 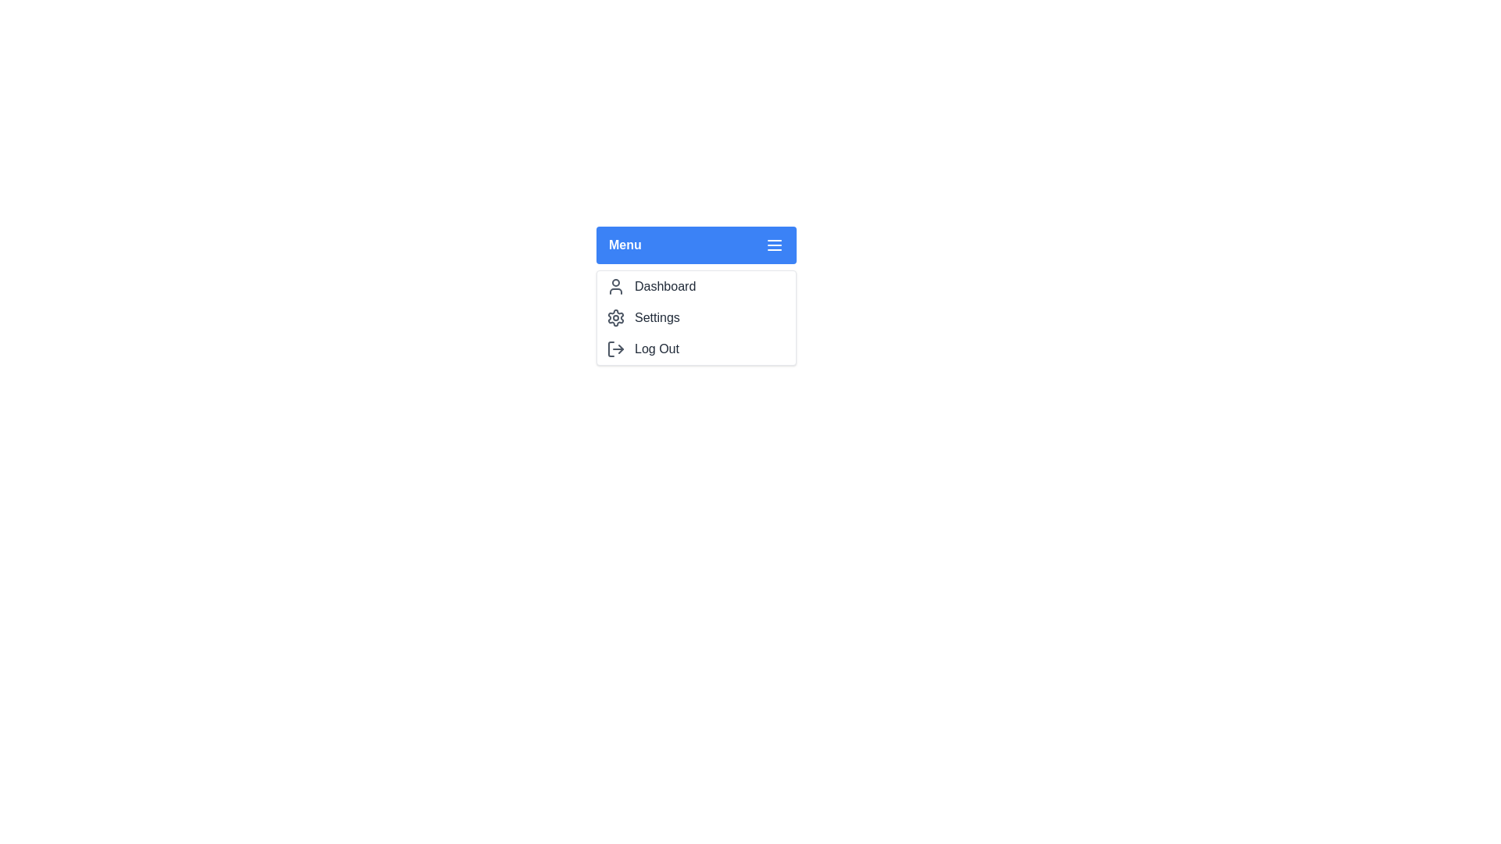 I want to click on the menu option Log Out by clicking on it, so click(x=696, y=349).